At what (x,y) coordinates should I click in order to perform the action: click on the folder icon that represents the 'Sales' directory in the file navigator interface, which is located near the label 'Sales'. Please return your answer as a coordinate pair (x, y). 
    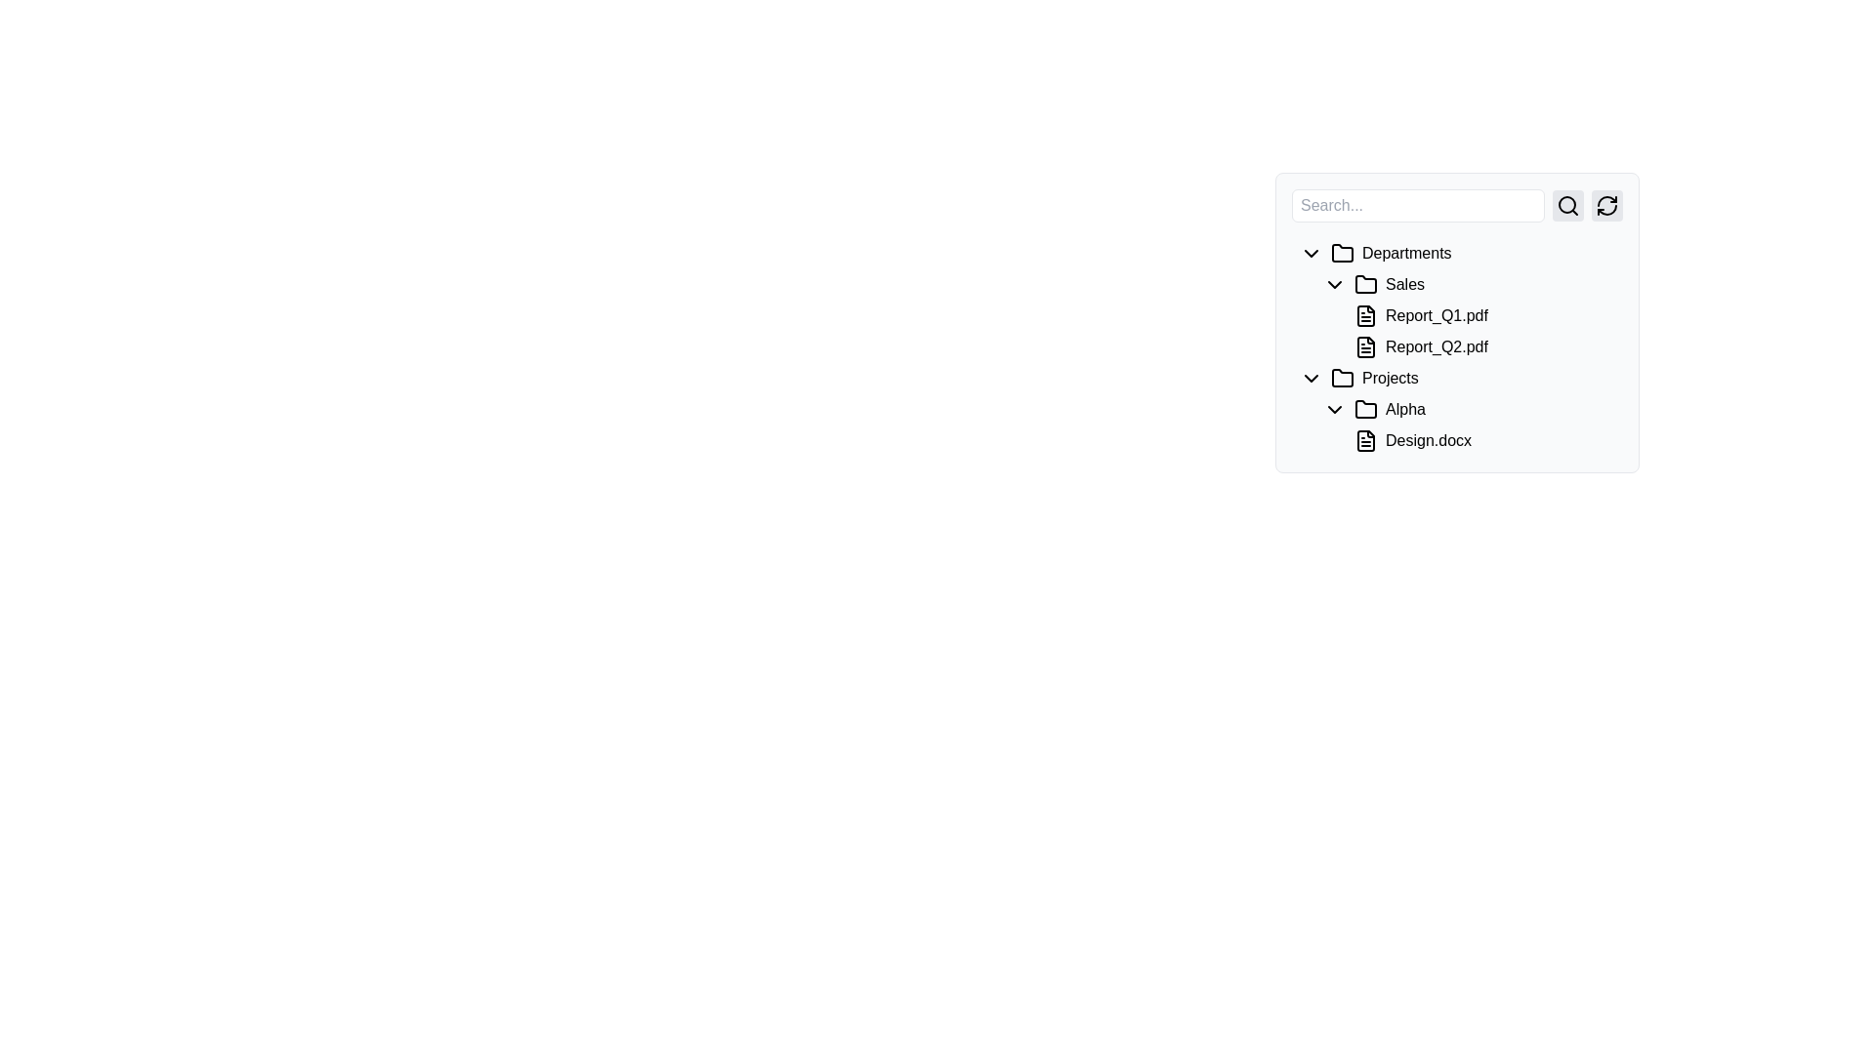
    Looking at the image, I should click on (1368, 285).